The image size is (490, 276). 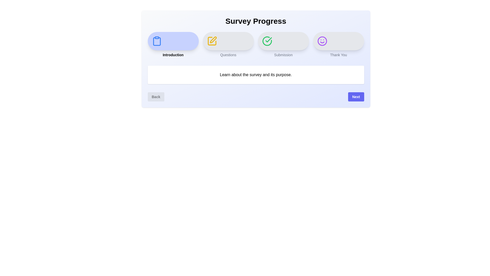 I want to click on the icon representing the Submission step to inspect its appearance, so click(x=267, y=41).